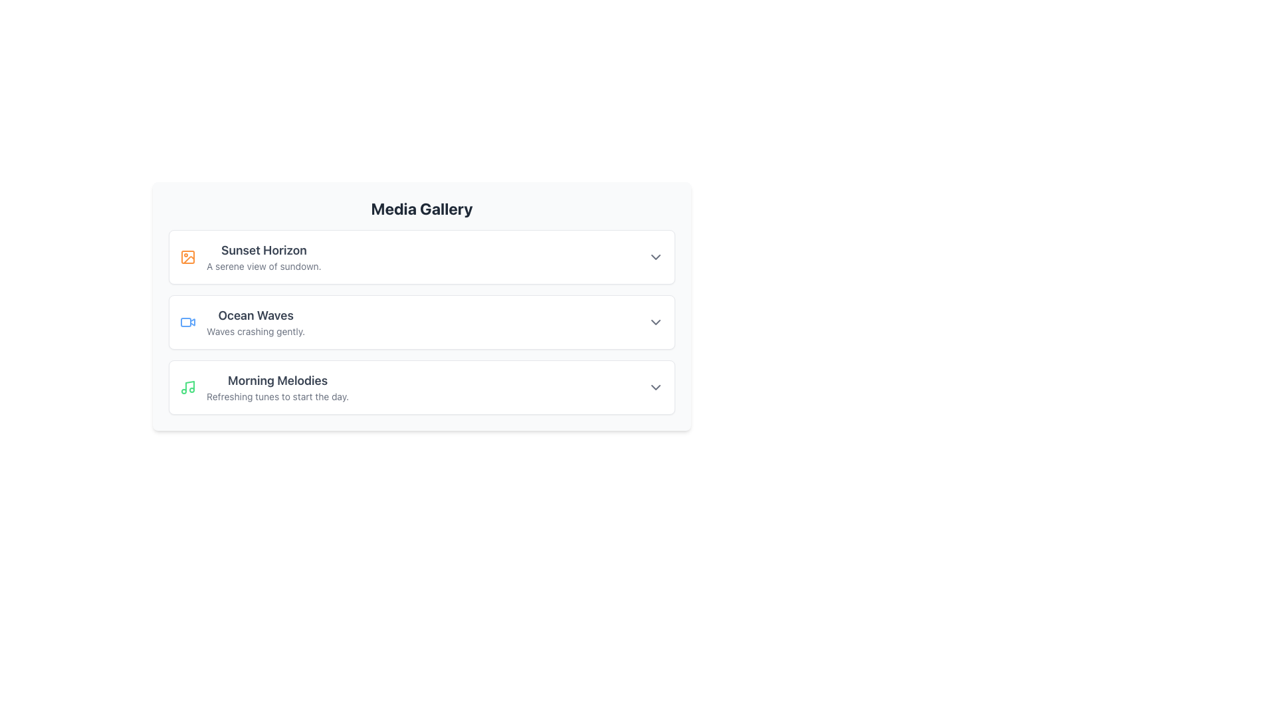 This screenshot has height=718, width=1276. I want to click on the dropdown toggle button located on the far-right side of the 'Ocean Waves' row, so click(656, 322).